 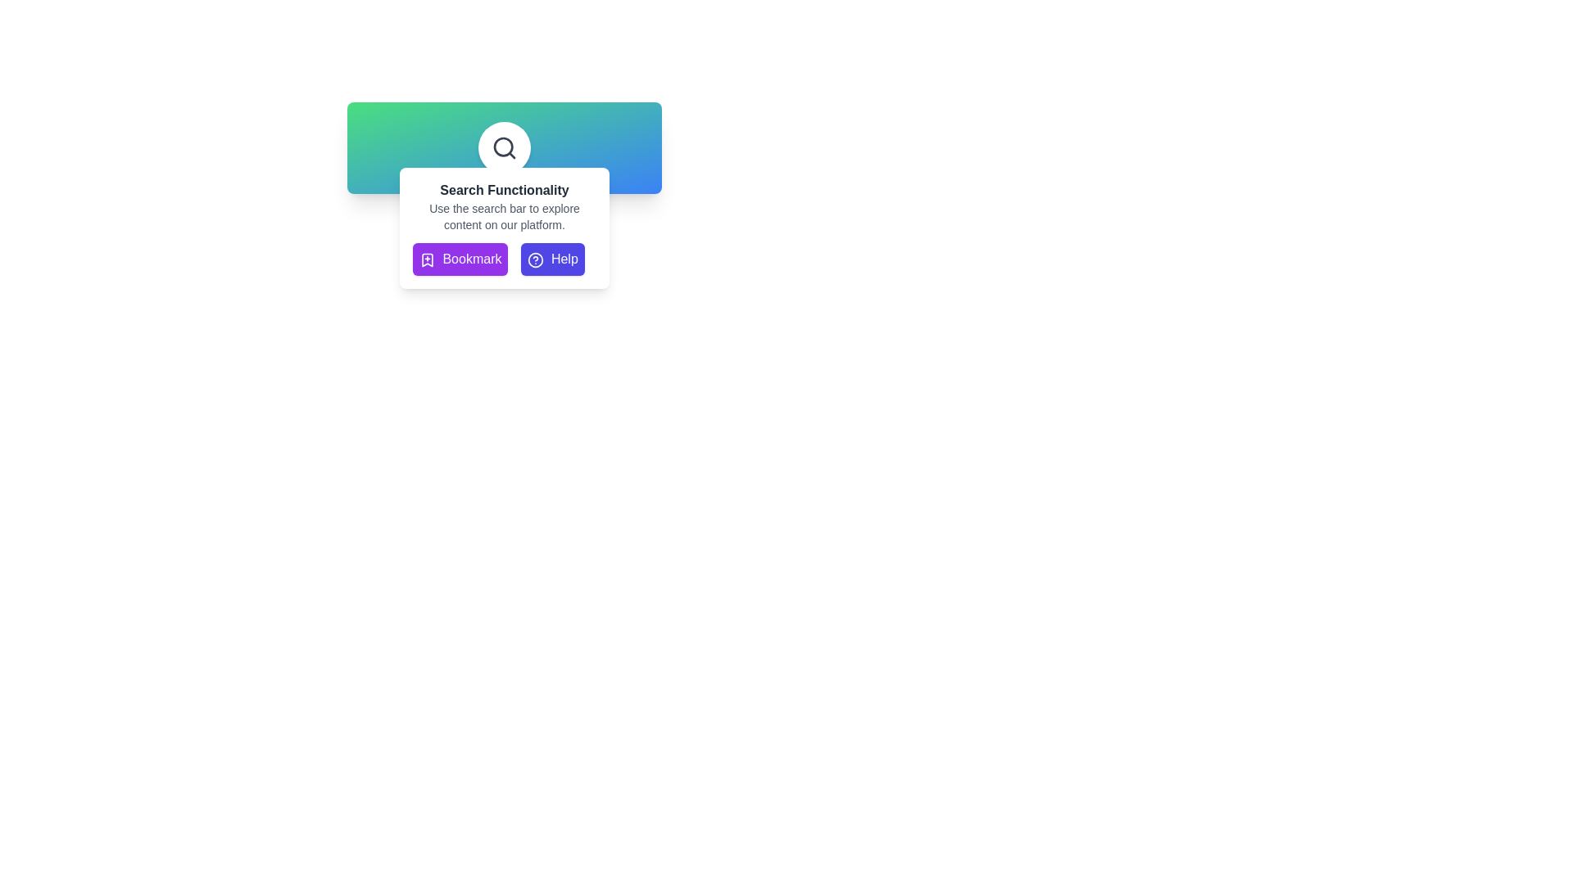 What do you see at coordinates (503, 189) in the screenshot?
I see `the static text label that serves as a title or header for the associated search information, located at the top of the white rounded box` at bounding box center [503, 189].